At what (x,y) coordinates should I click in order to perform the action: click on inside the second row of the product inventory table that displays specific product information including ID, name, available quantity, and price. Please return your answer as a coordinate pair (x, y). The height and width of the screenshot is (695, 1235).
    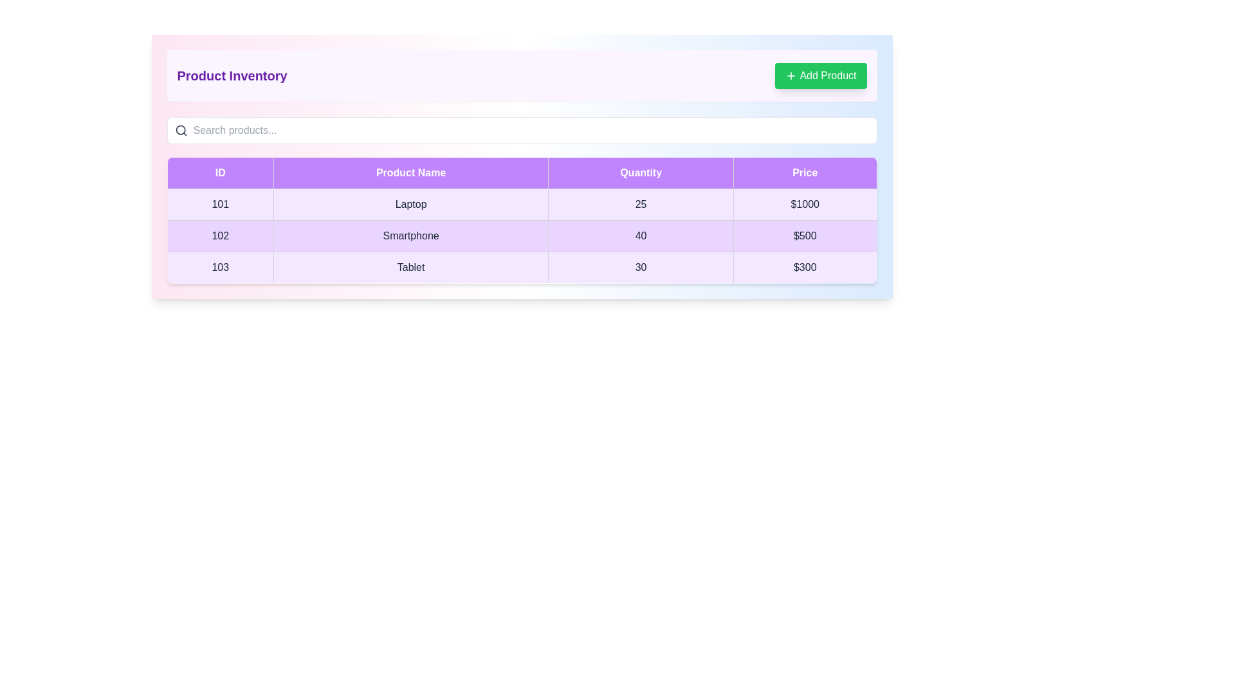
    Looking at the image, I should click on (522, 236).